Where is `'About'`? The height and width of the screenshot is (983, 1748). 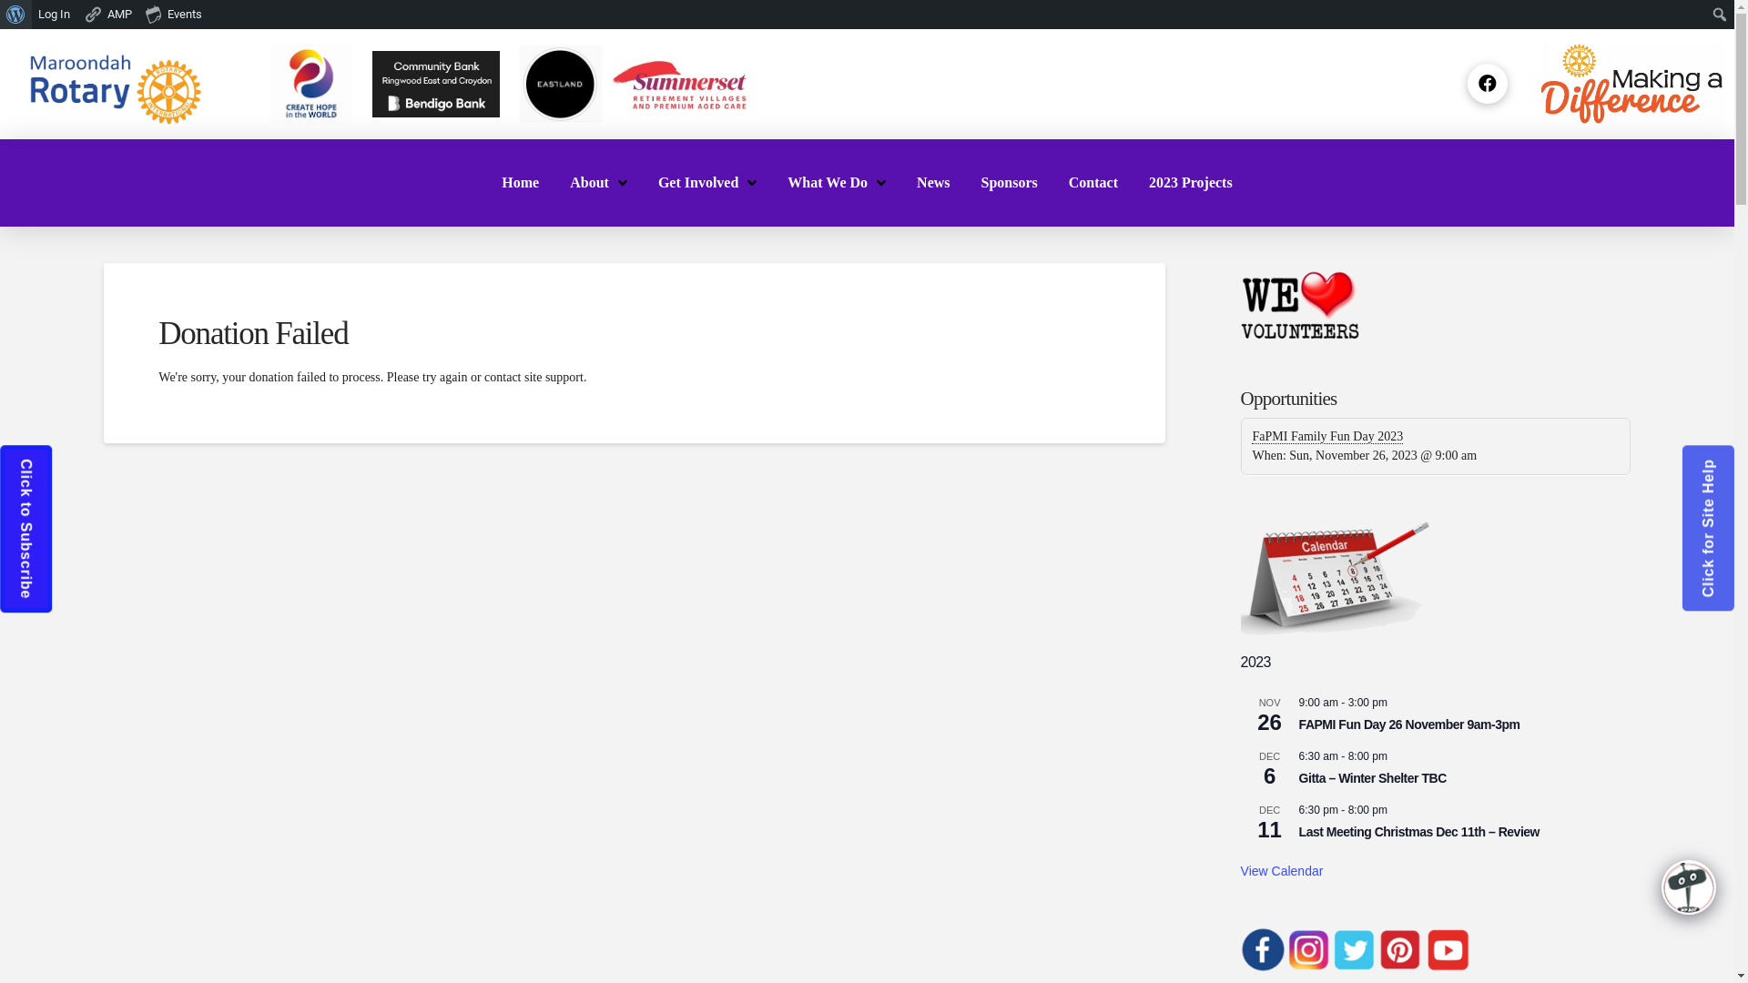
'About' is located at coordinates (598, 182).